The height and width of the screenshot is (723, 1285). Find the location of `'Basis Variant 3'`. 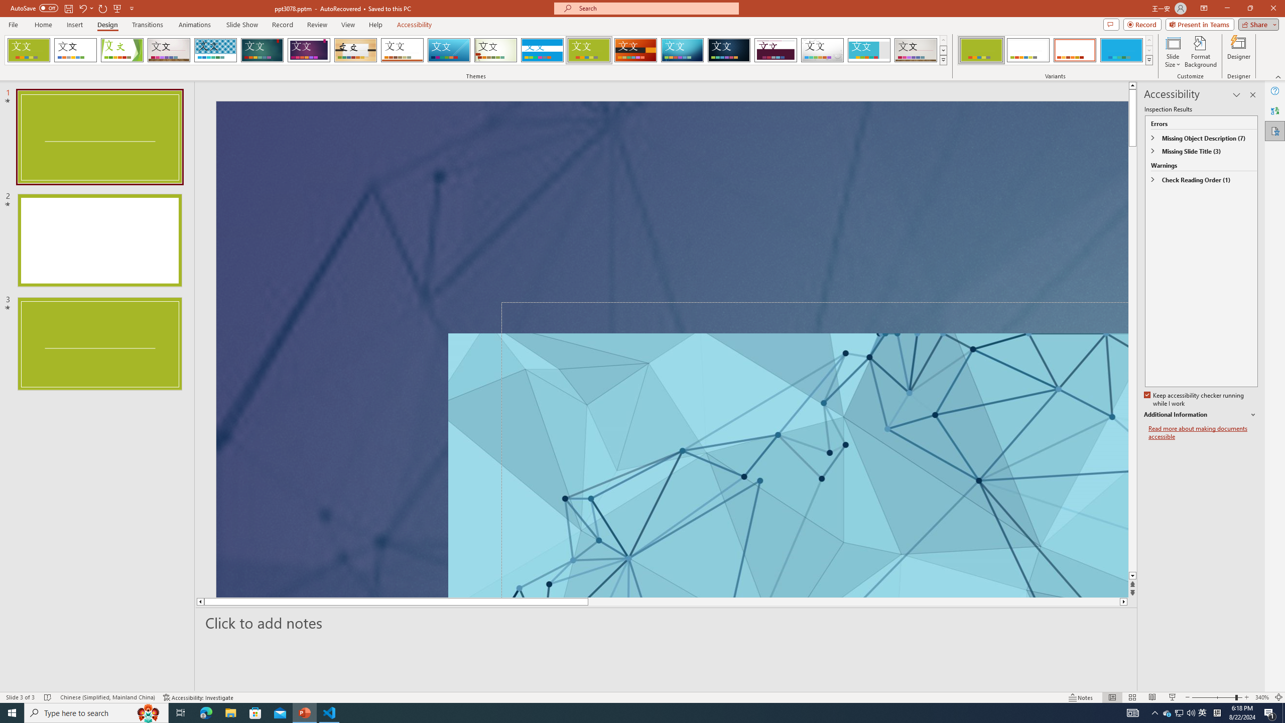

'Basis Variant 3' is located at coordinates (1074, 50).